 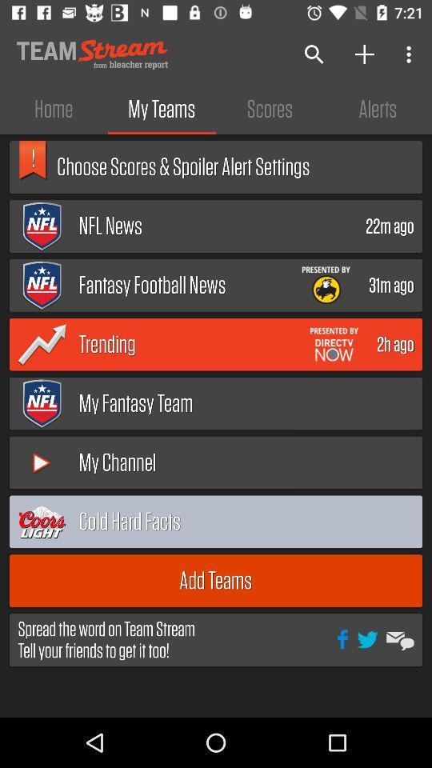 What do you see at coordinates (378, 521) in the screenshot?
I see `outline page` at bounding box center [378, 521].